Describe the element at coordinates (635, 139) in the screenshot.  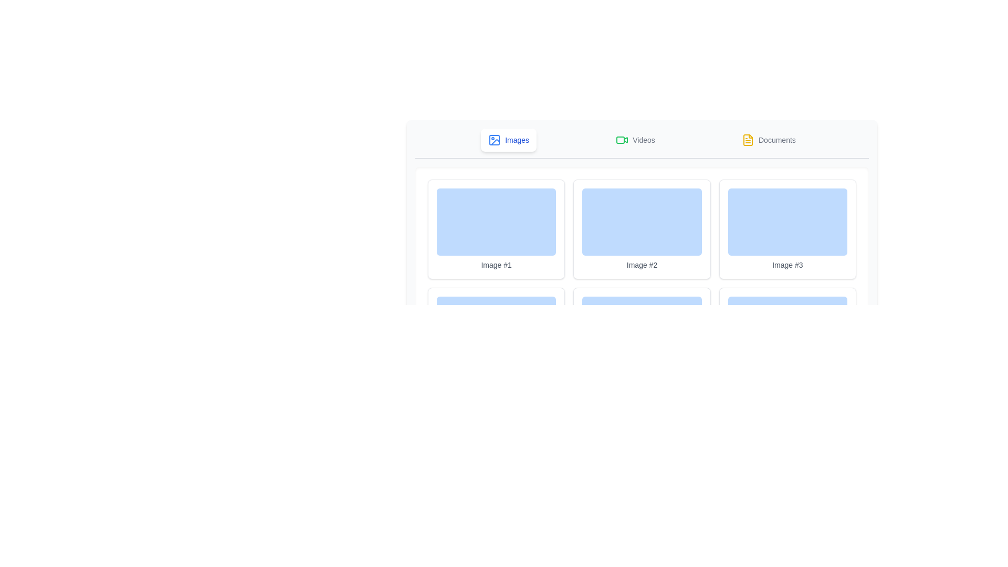
I see `the second button in the horizontal row at the top of the interface` at that location.